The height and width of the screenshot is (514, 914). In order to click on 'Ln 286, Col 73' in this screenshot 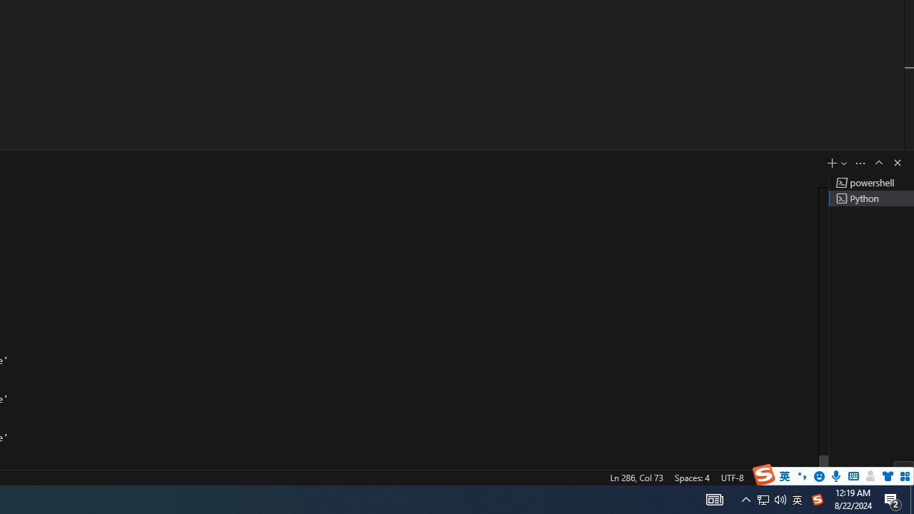, I will do `click(636, 477)`.